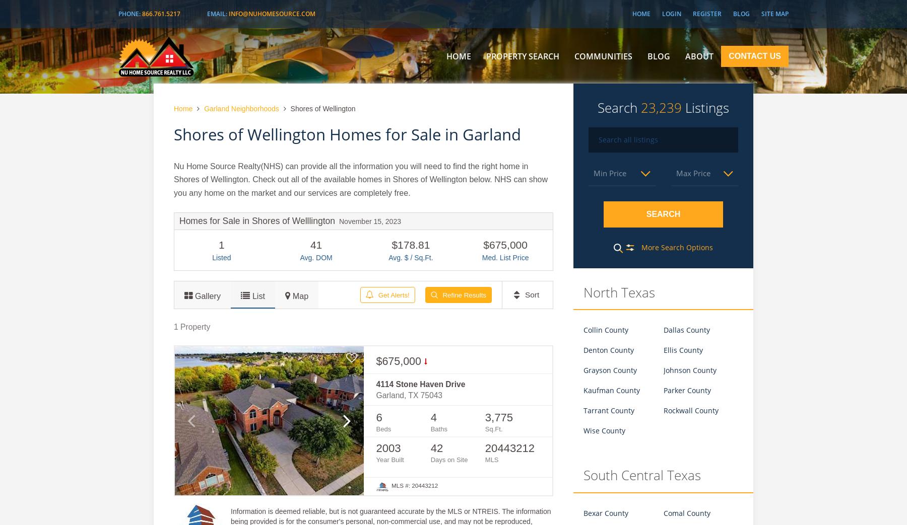 Image resolution: width=907 pixels, height=525 pixels. I want to click on 'Nu Home Source Realty(NHS) can provide all the information you will need to find the right home in Shores of Wellington. Check out all of the available homes in Shores of Wellington below. NHS can show you any home on the market and our services are completely free.', so click(360, 179).